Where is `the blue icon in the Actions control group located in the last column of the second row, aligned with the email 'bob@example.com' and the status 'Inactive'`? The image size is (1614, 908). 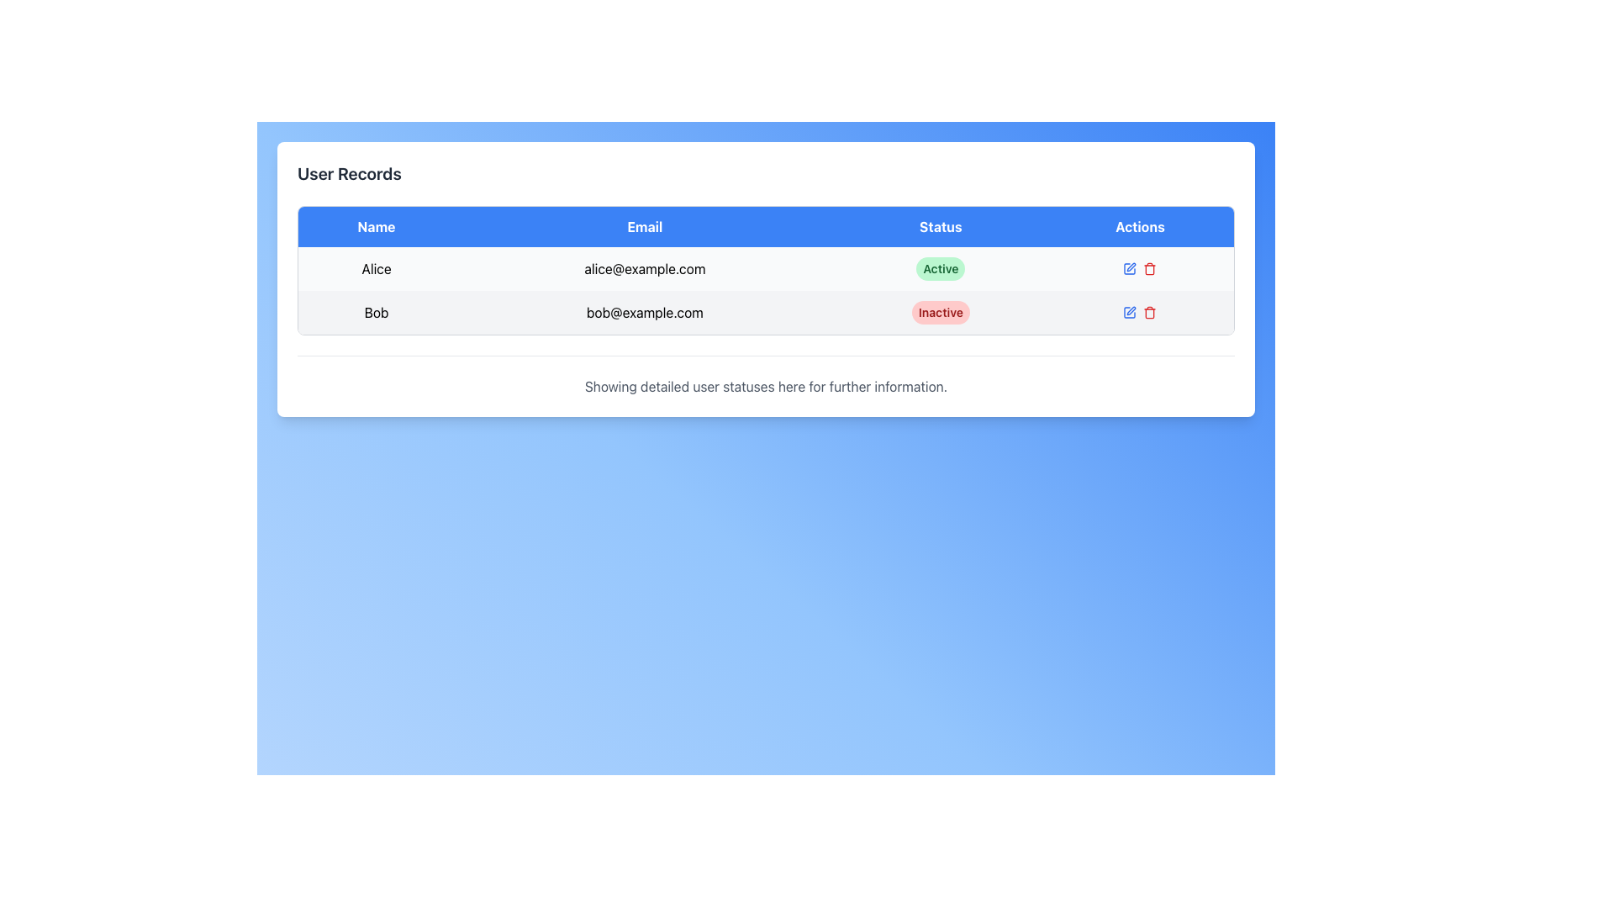
the blue icon in the Actions control group located in the last column of the second row, aligned with the email 'bob@example.com' and the status 'Inactive' is located at coordinates (1140, 312).